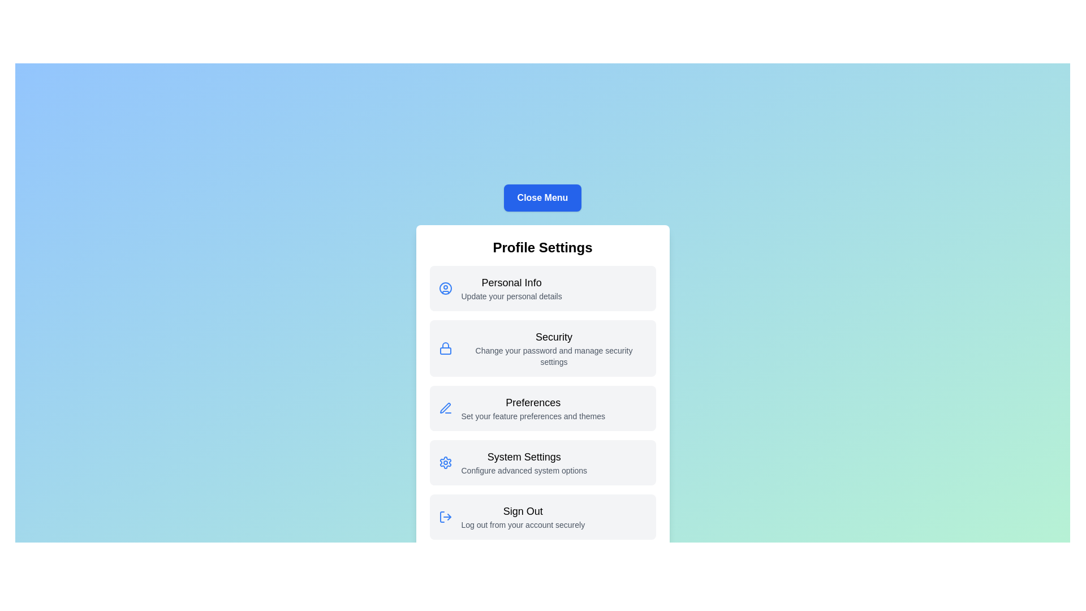 The height and width of the screenshot is (611, 1086). I want to click on the icon associated with the menu item System Settings, so click(445, 462).